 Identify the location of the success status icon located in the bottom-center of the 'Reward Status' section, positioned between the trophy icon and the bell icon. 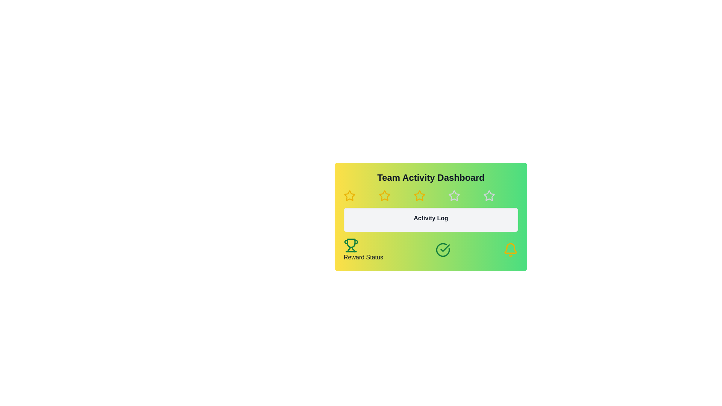
(443, 250).